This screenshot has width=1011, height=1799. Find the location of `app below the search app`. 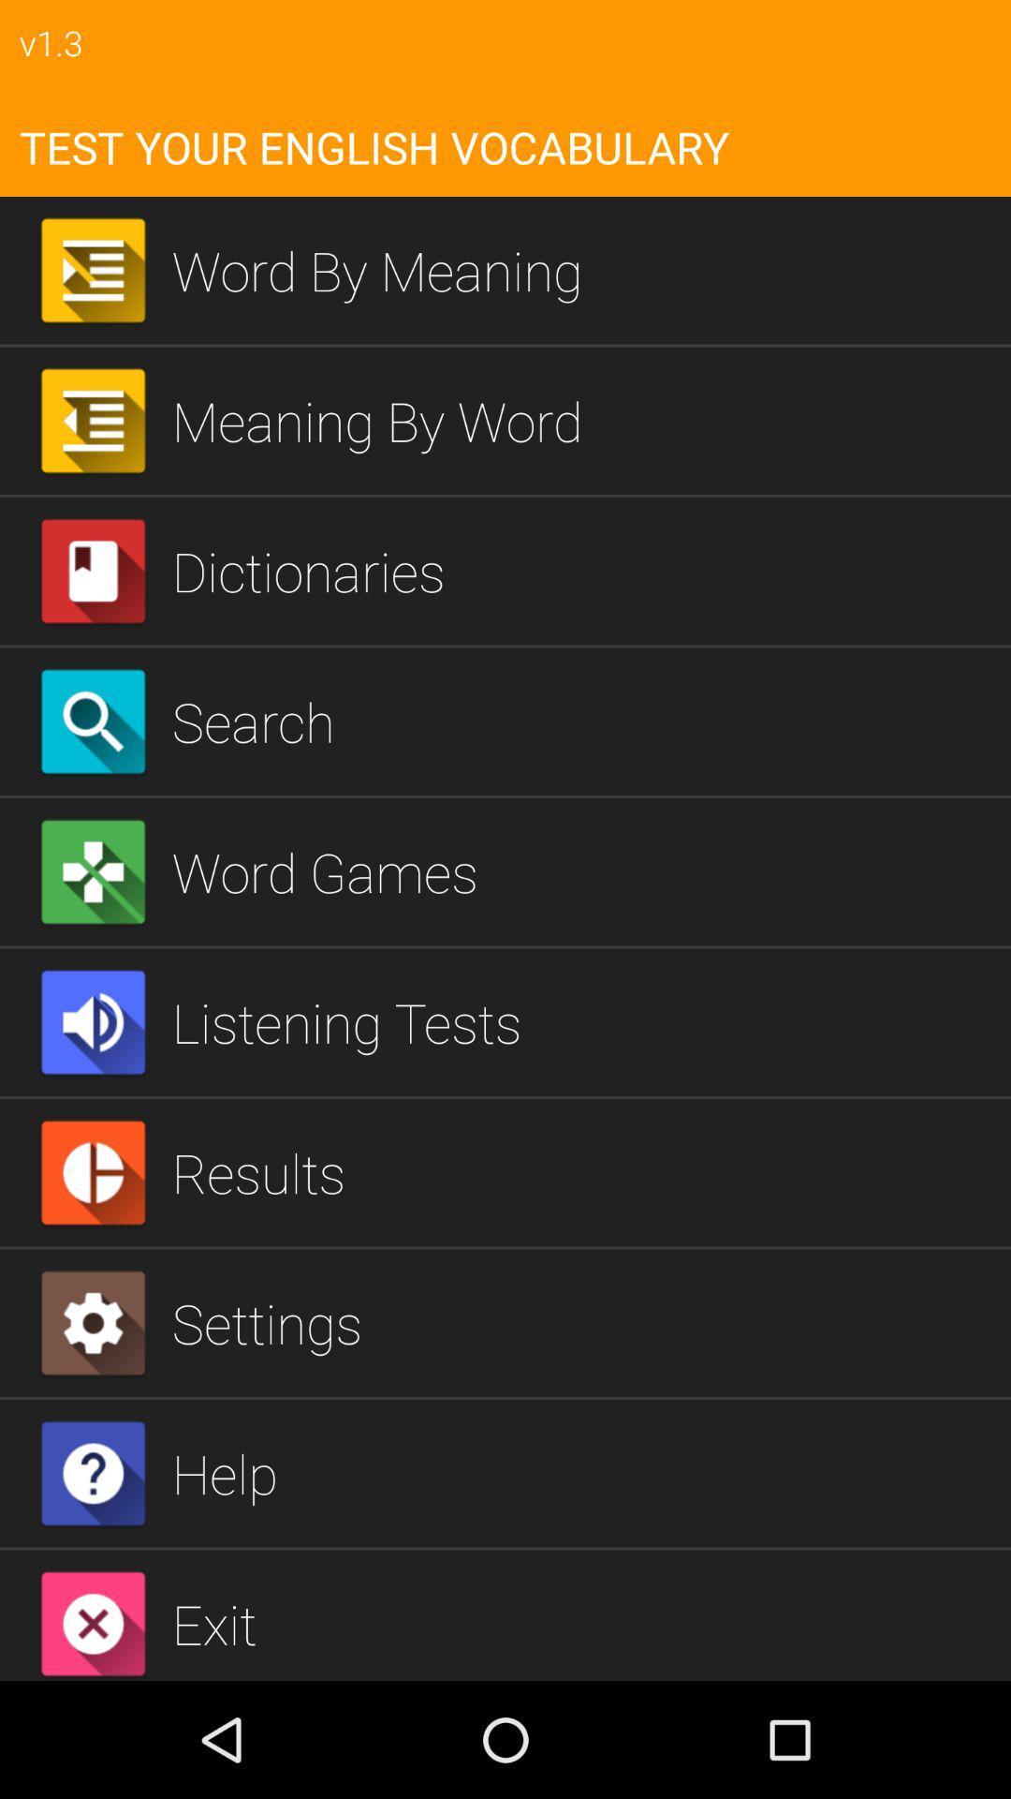

app below the search app is located at coordinates (583, 870).